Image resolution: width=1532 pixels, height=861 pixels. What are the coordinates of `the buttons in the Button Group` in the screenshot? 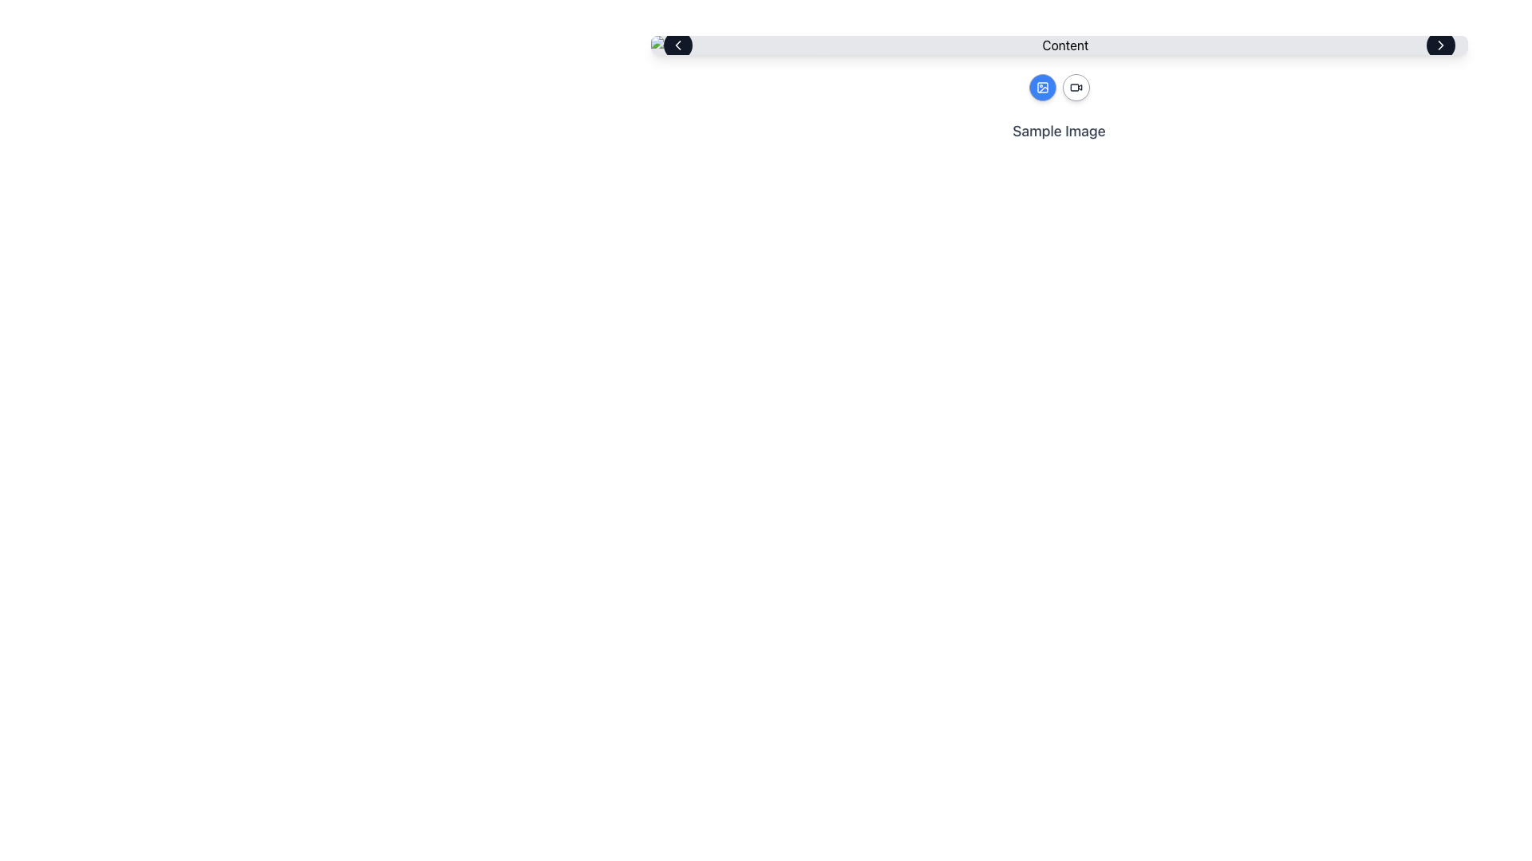 It's located at (1059, 88).